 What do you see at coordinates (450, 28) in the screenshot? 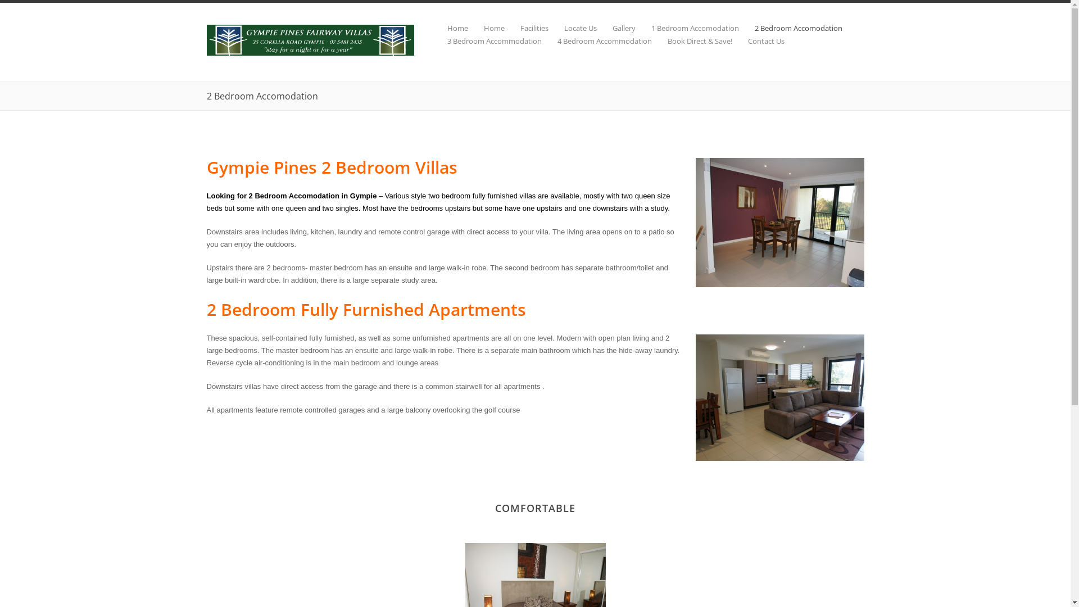
I see `'Home'` at bounding box center [450, 28].